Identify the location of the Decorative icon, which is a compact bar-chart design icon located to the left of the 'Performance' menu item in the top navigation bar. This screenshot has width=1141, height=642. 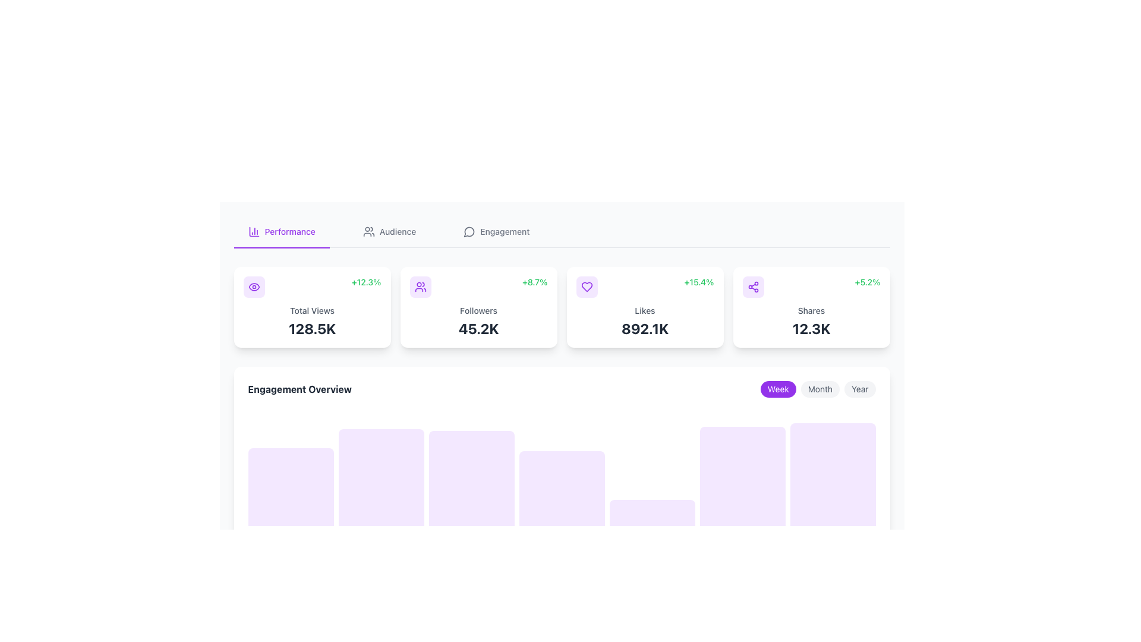
(253, 231).